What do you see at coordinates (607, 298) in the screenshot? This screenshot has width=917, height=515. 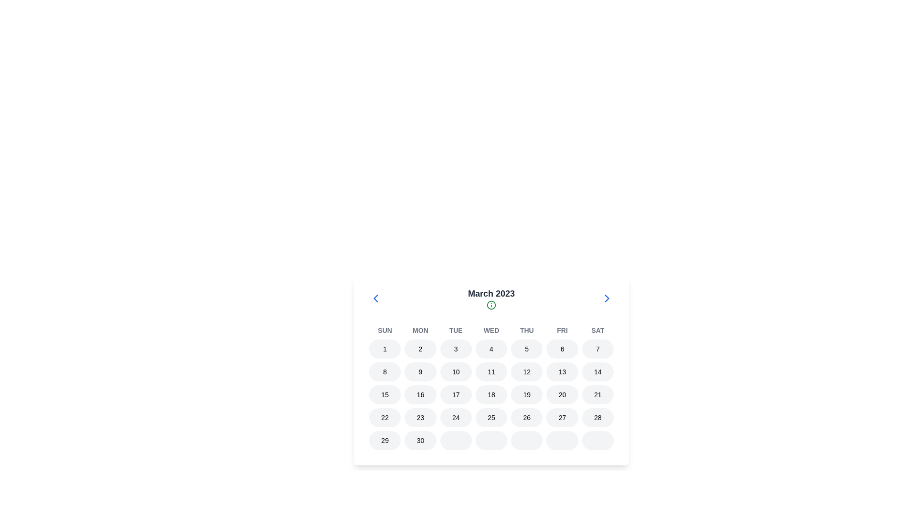 I see `the blue chevron right icon located at the far right of the 'March 2023' section` at bounding box center [607, 298].